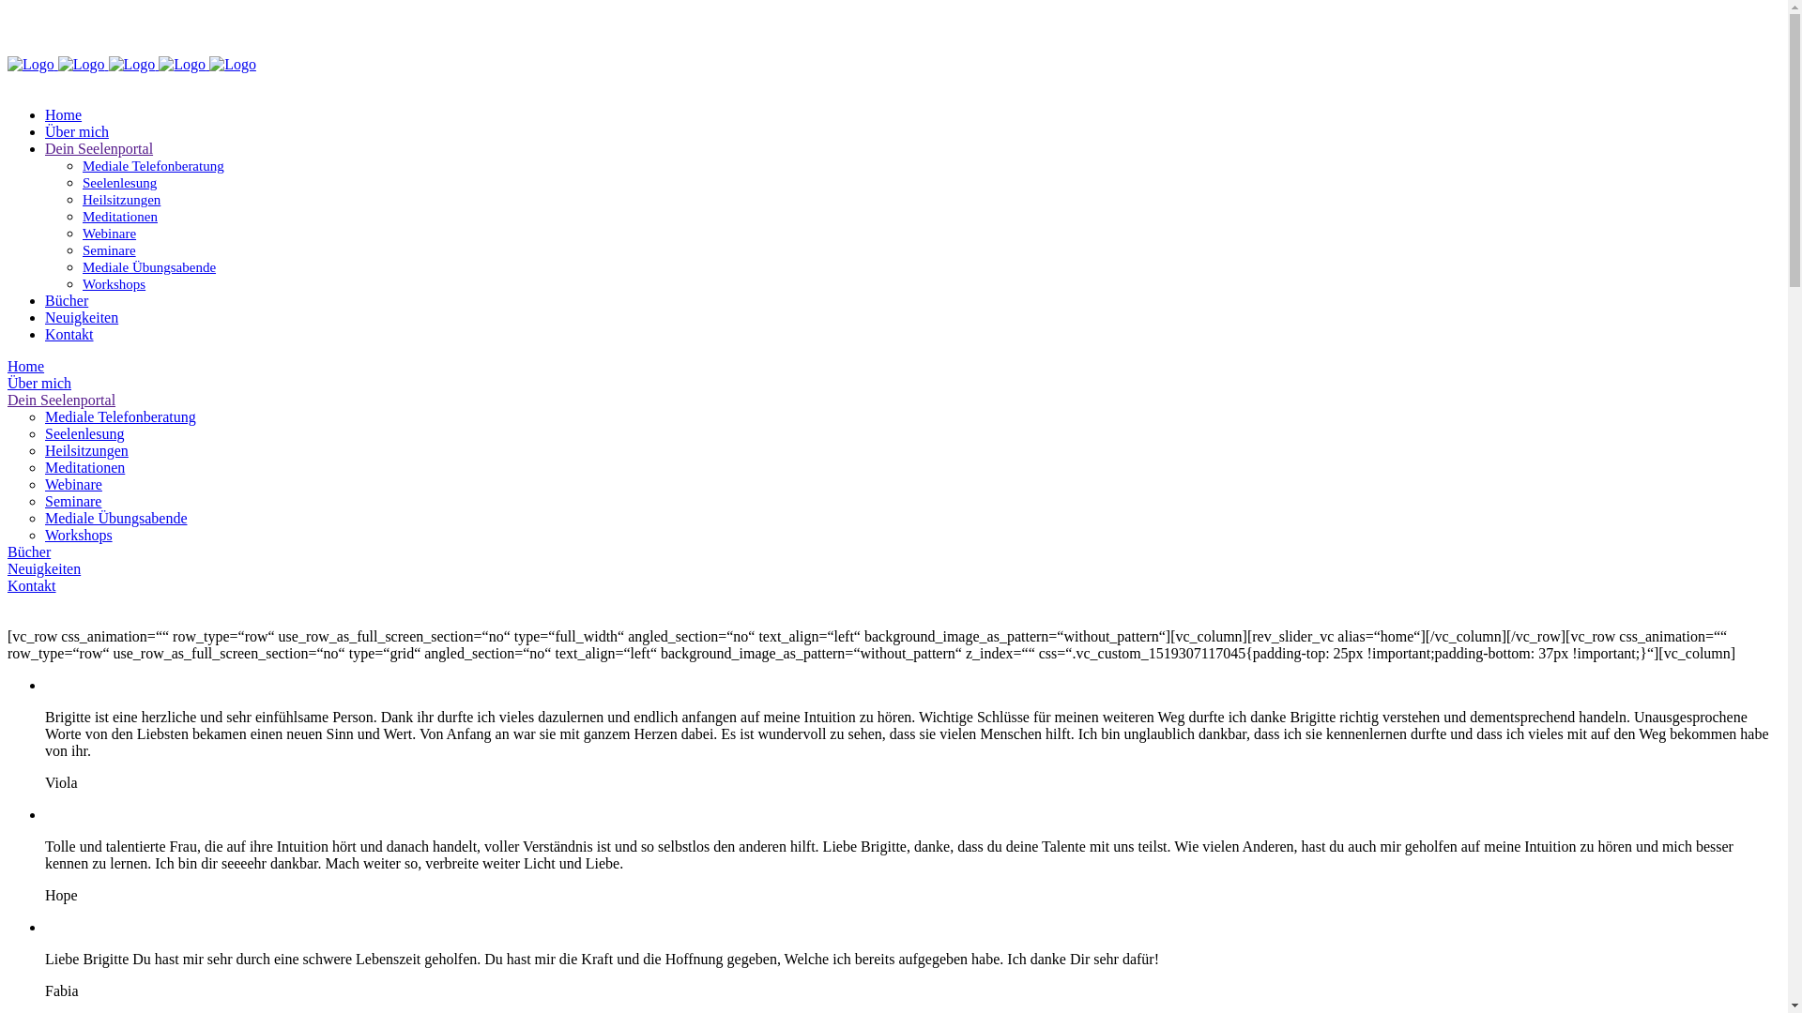  Describe the element at coordinates (63, 114) in the screenshot. I see `'Home'` at that location.